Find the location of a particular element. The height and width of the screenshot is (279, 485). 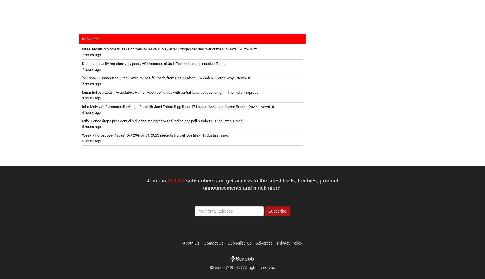

'Lunar Eclipse 2023 live updates: Hunter Moon coincides with partial lunar eclipse tonight - The Indian Express' is located at coordinates (170, 92).